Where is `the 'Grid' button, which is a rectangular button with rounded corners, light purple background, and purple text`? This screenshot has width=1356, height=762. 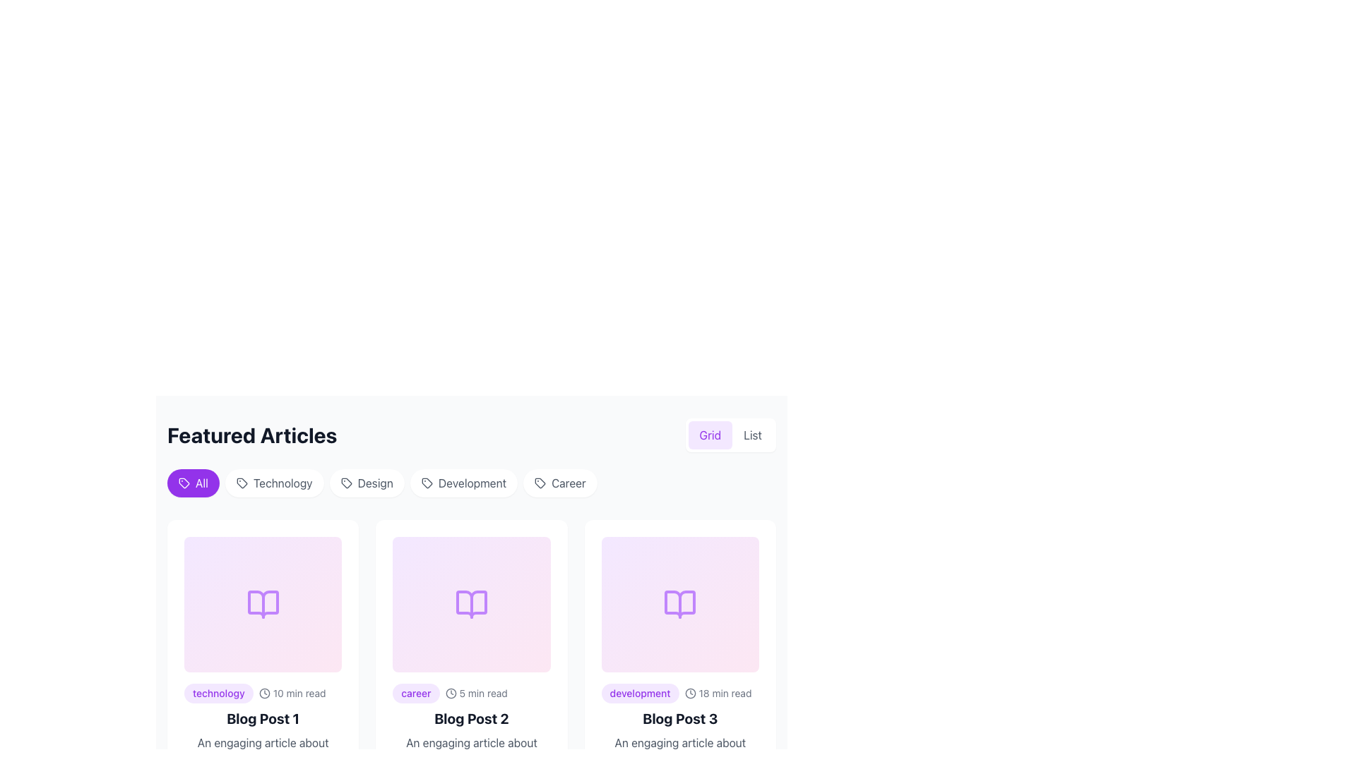
the 'Grid' button, which is a rectangular button with rounded corners, light purple background, and purple text is located at coordinates (710, 435).